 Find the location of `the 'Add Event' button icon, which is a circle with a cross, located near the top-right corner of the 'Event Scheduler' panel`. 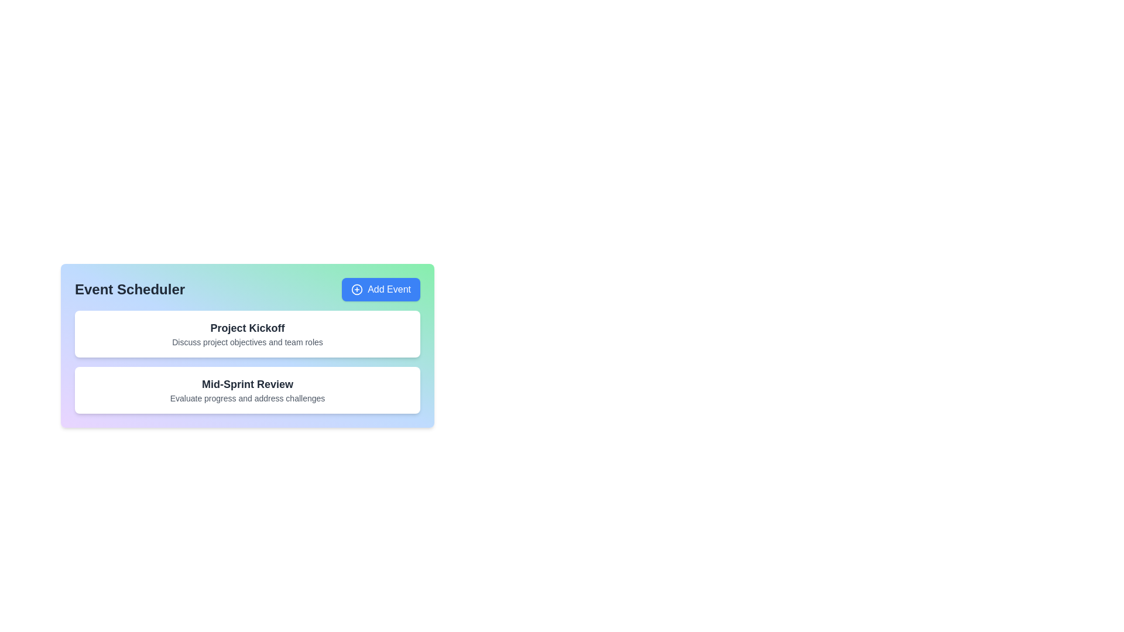

the 'Add Event' button icon, which is a circle with a cross, located near the top-right corner of the 'Event Scheduler' panel is located at coordinates (357, 289).